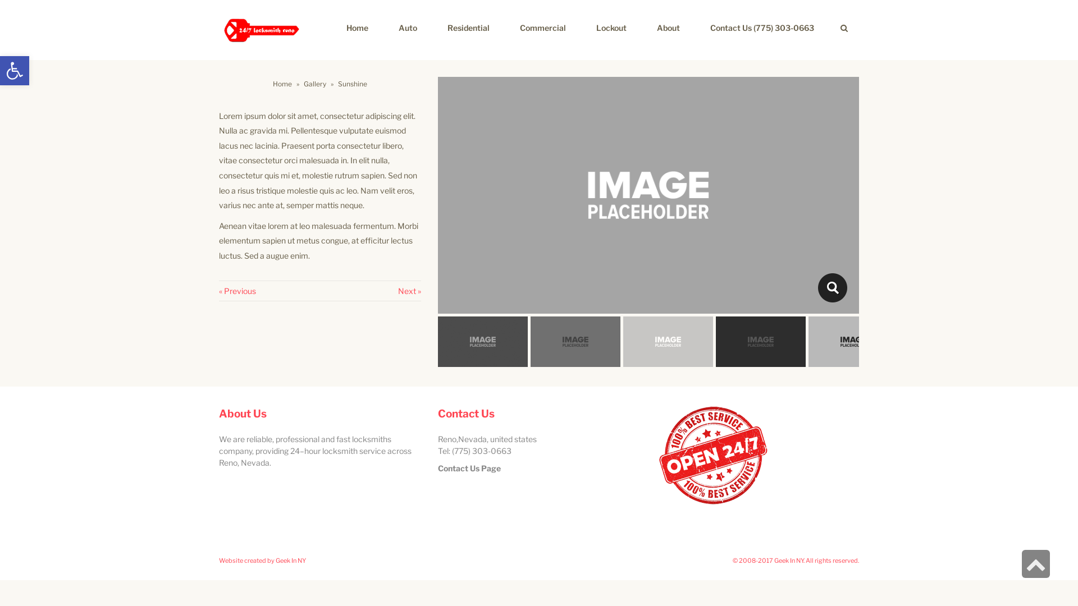  Describe the element at coordinates (611, 27) in the screenshot. I see `'Lockout'` at that location.